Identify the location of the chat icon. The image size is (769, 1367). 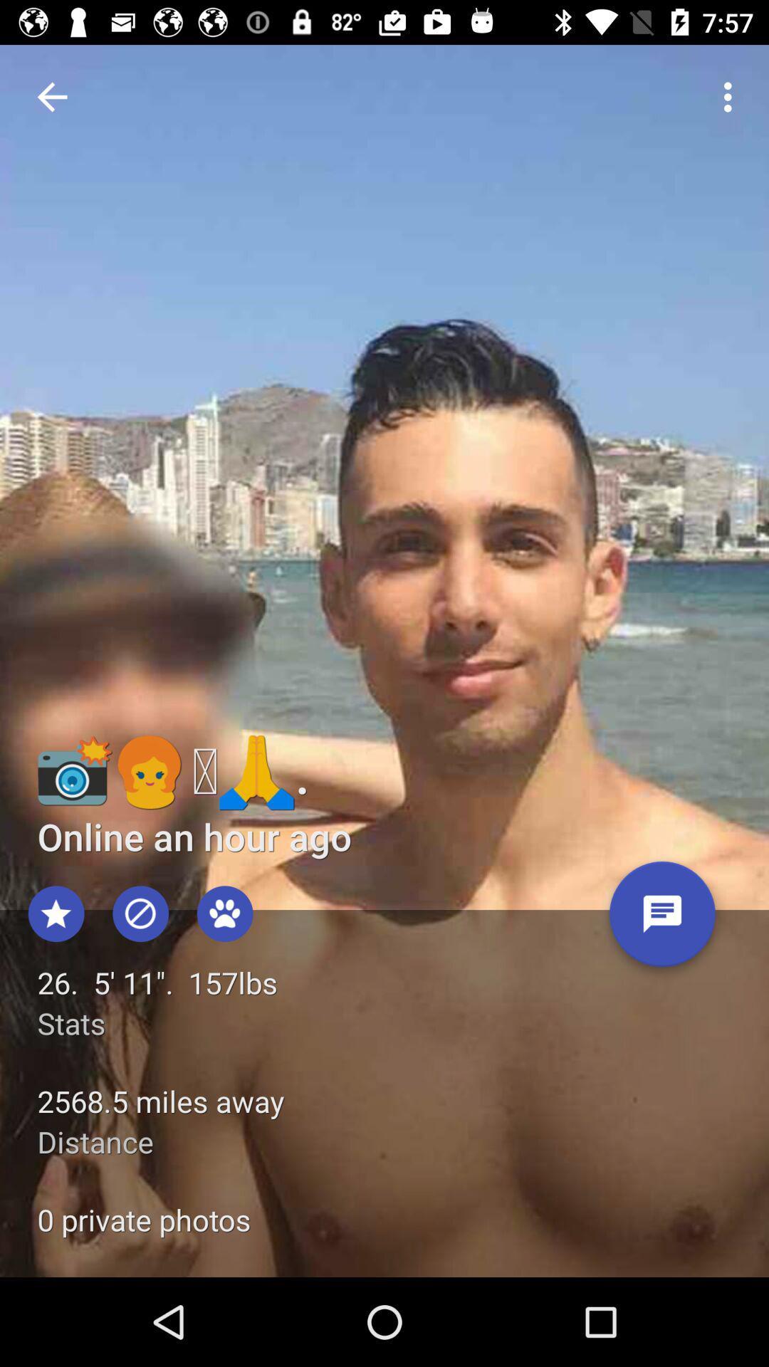
(662, 919).